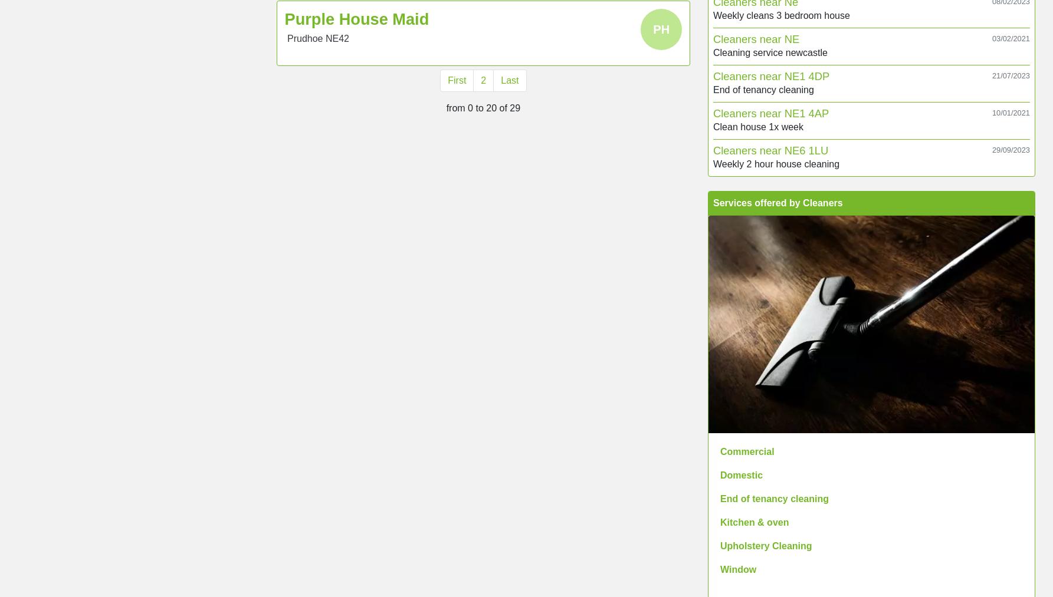  What do you see at coordinates (1010, 75) in the screenshot?
I see `'21/07/2023'` at bounding box center [1010, 75].